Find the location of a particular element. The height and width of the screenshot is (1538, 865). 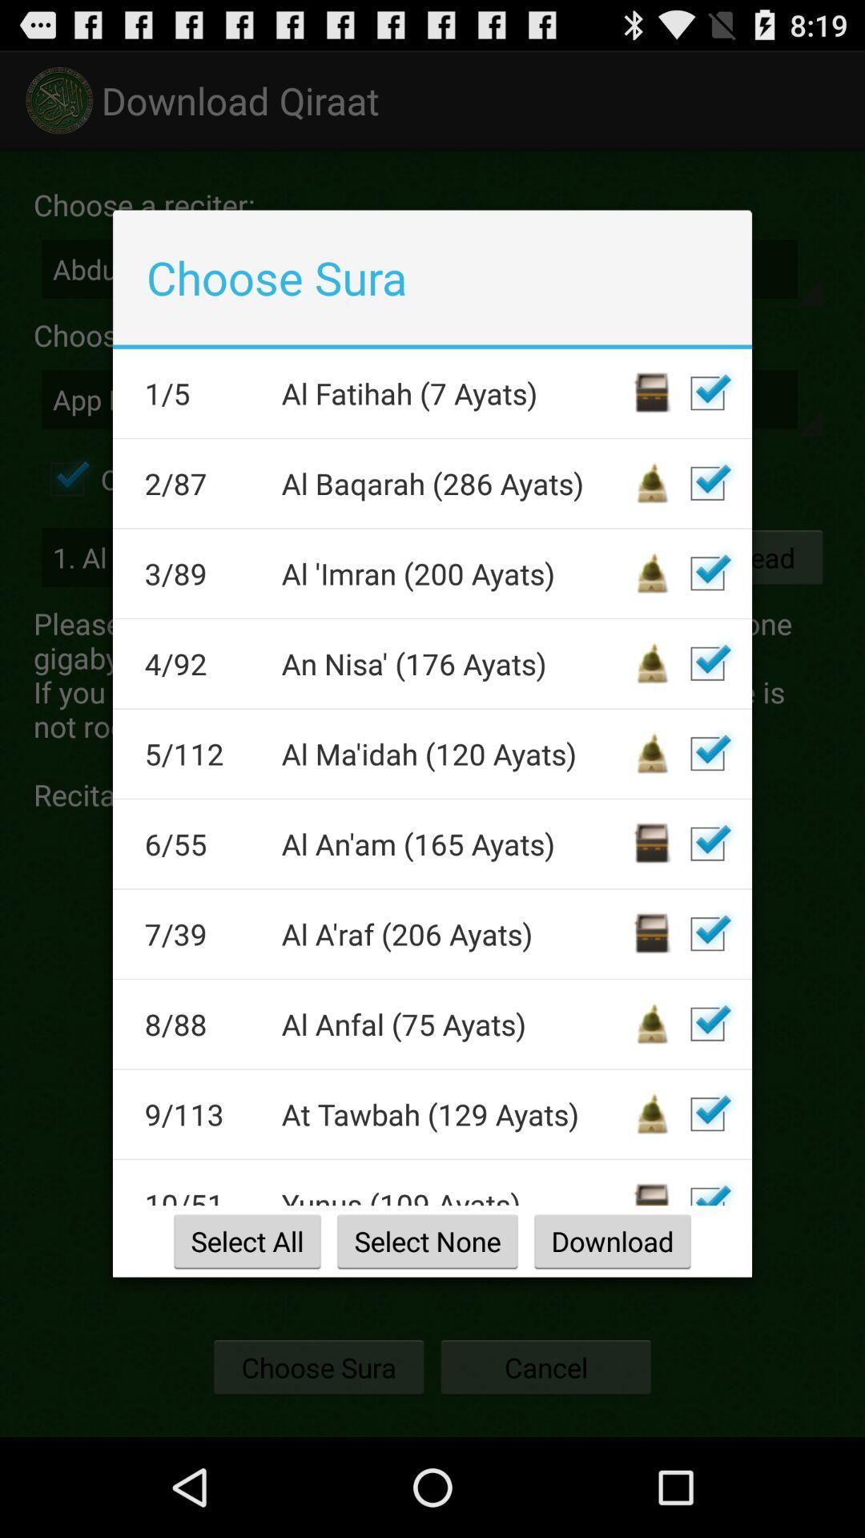

un-check box is located at coordinates (706, 934).